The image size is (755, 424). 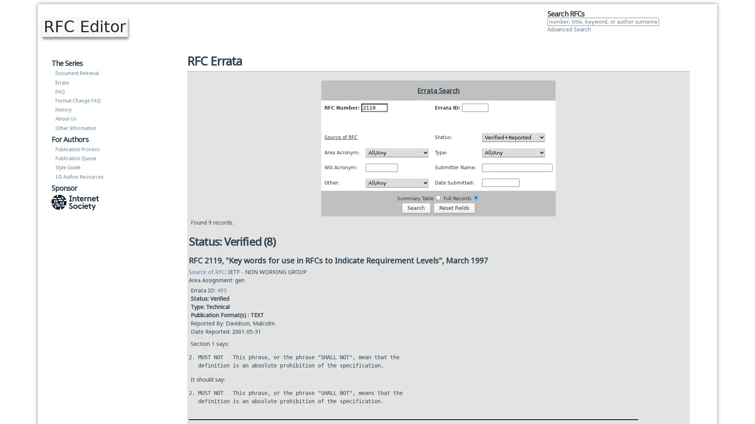 I want to click on Search, so click(x=415, y=207).